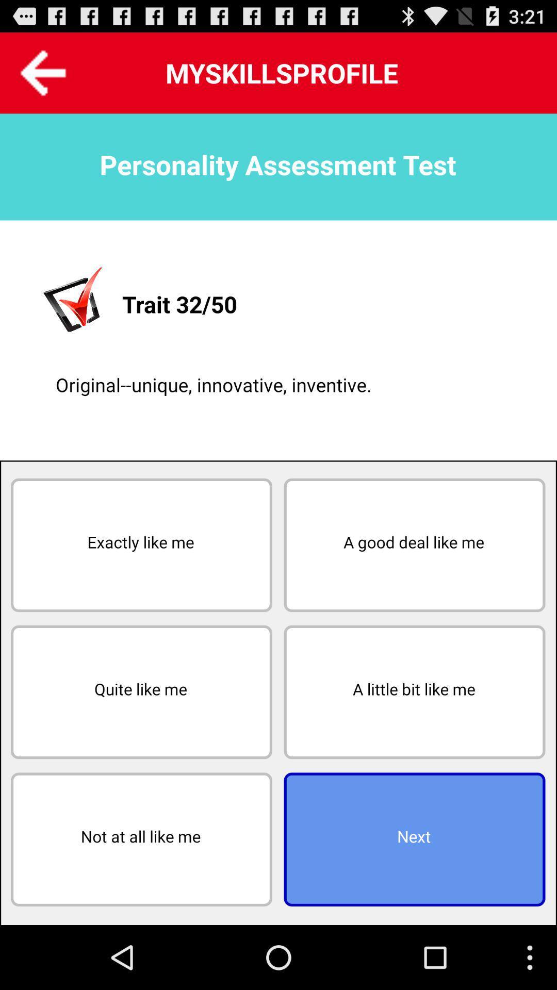 This screenshot has width=557, height=990. I want to click on icon below quite like me, so click(141, 839).